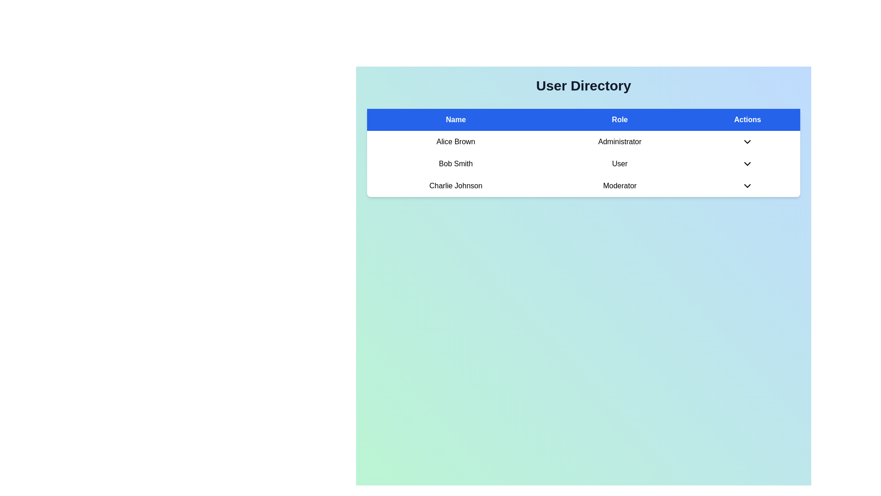  What do you see at coordinates (747, 163) in the screenshot?
I see `the downward-pointing chevron icon located` at bounding box center [747, 163].